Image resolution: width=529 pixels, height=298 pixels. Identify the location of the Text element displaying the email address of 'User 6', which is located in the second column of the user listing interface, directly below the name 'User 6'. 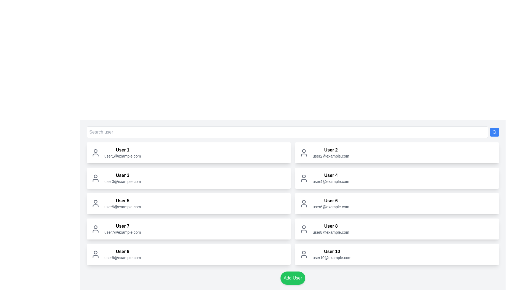
(331, 207).